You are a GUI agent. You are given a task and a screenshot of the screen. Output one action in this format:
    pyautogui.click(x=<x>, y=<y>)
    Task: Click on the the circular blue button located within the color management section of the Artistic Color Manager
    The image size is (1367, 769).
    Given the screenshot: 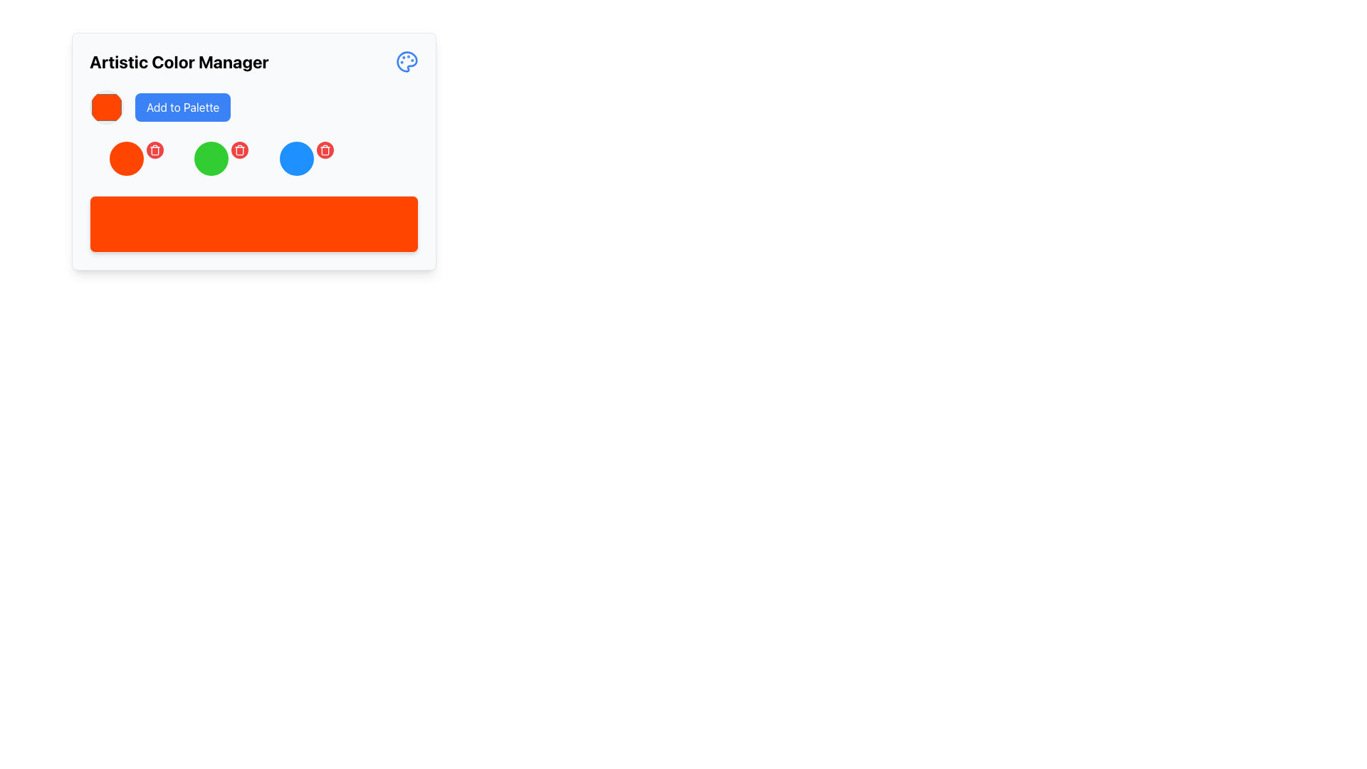 What is the action you would take?
    pyautogui.click(x=295, y=159)
    